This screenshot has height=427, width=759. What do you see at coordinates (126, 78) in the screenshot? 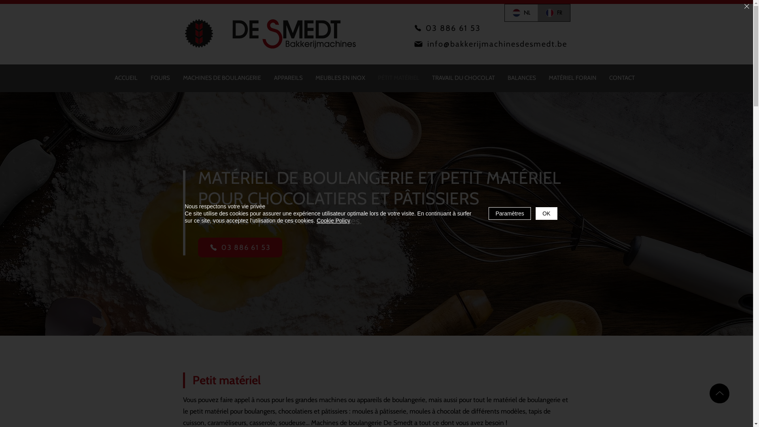
I see `'ACCUEIL'` at bounding box center [126, 78].